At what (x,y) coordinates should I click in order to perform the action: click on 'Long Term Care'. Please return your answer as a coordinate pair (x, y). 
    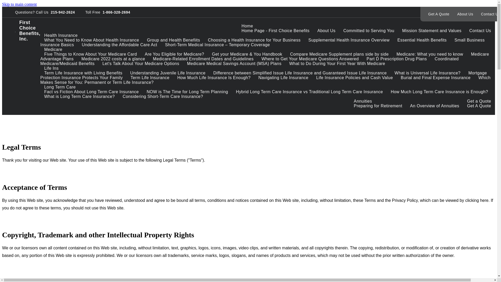
    Looking at the image, I should click on (60, 87).